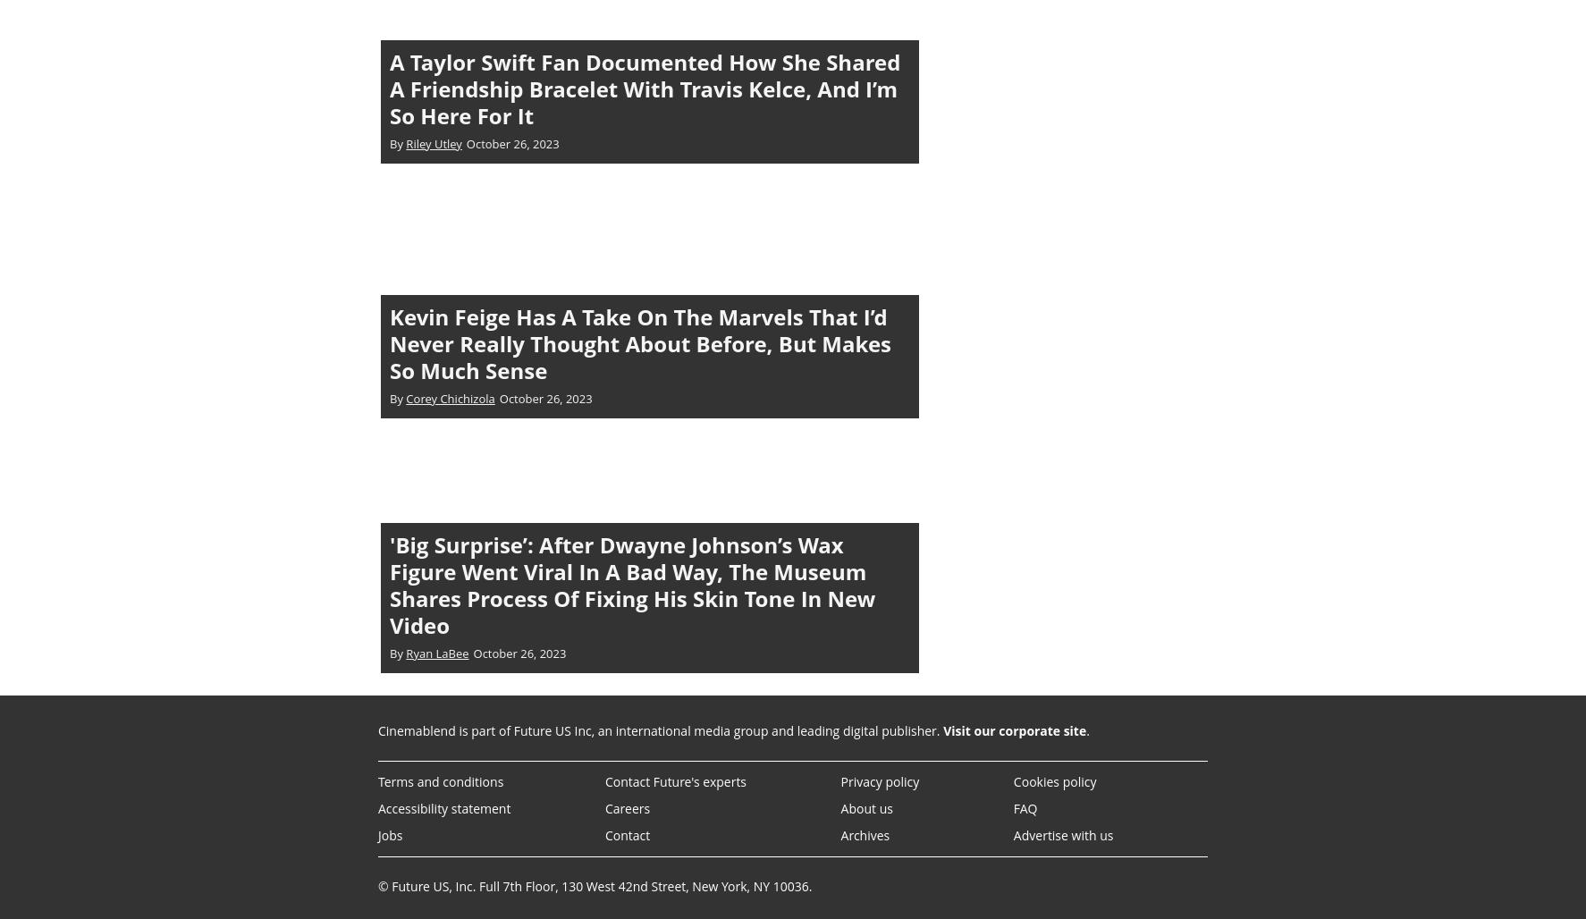 Image resolution: width=1586 pixels, height=919 pixels. What do you see at coordinates (444, 807) in the screenshot?
I see `'Accessibility statement'` at bounding box center [444, 807].